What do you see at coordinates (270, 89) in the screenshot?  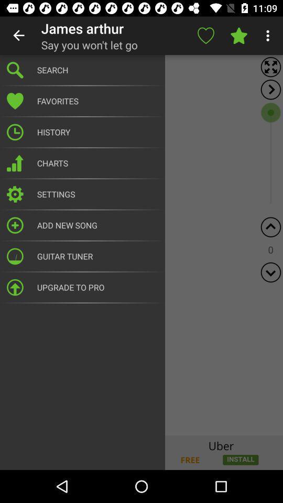 I see `expand` at bounding box center [270, 89].